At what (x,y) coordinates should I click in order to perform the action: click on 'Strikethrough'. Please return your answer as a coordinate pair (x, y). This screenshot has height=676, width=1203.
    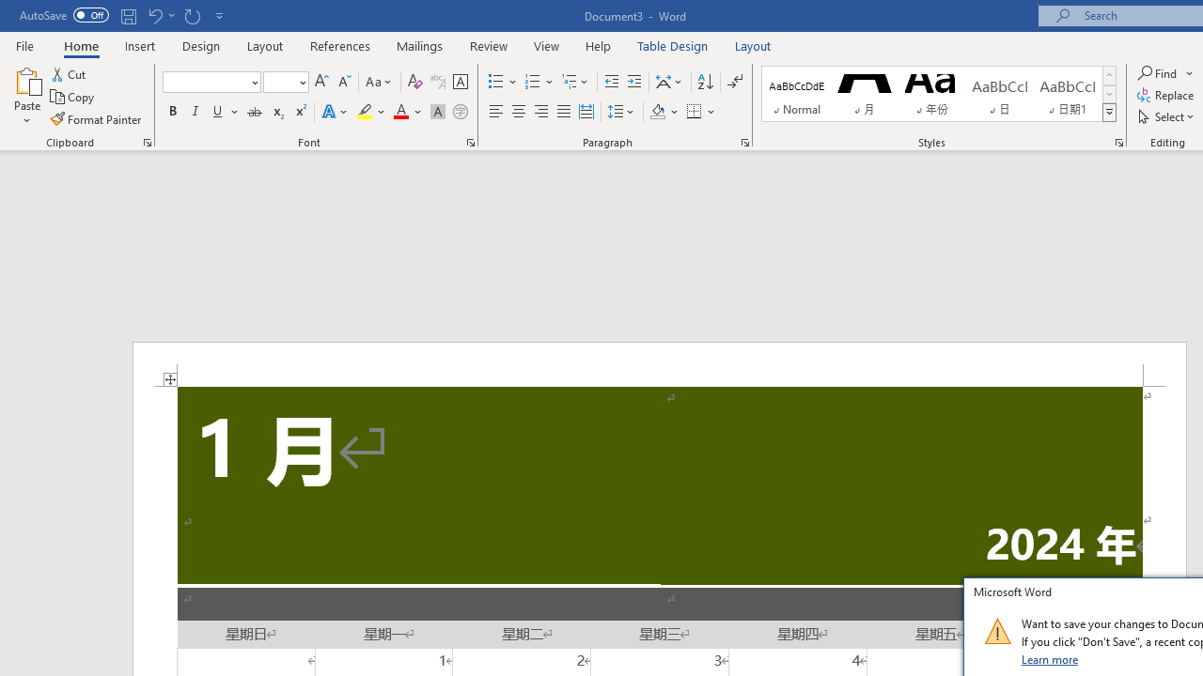
    Looking at the image, I should click on (253, 112).